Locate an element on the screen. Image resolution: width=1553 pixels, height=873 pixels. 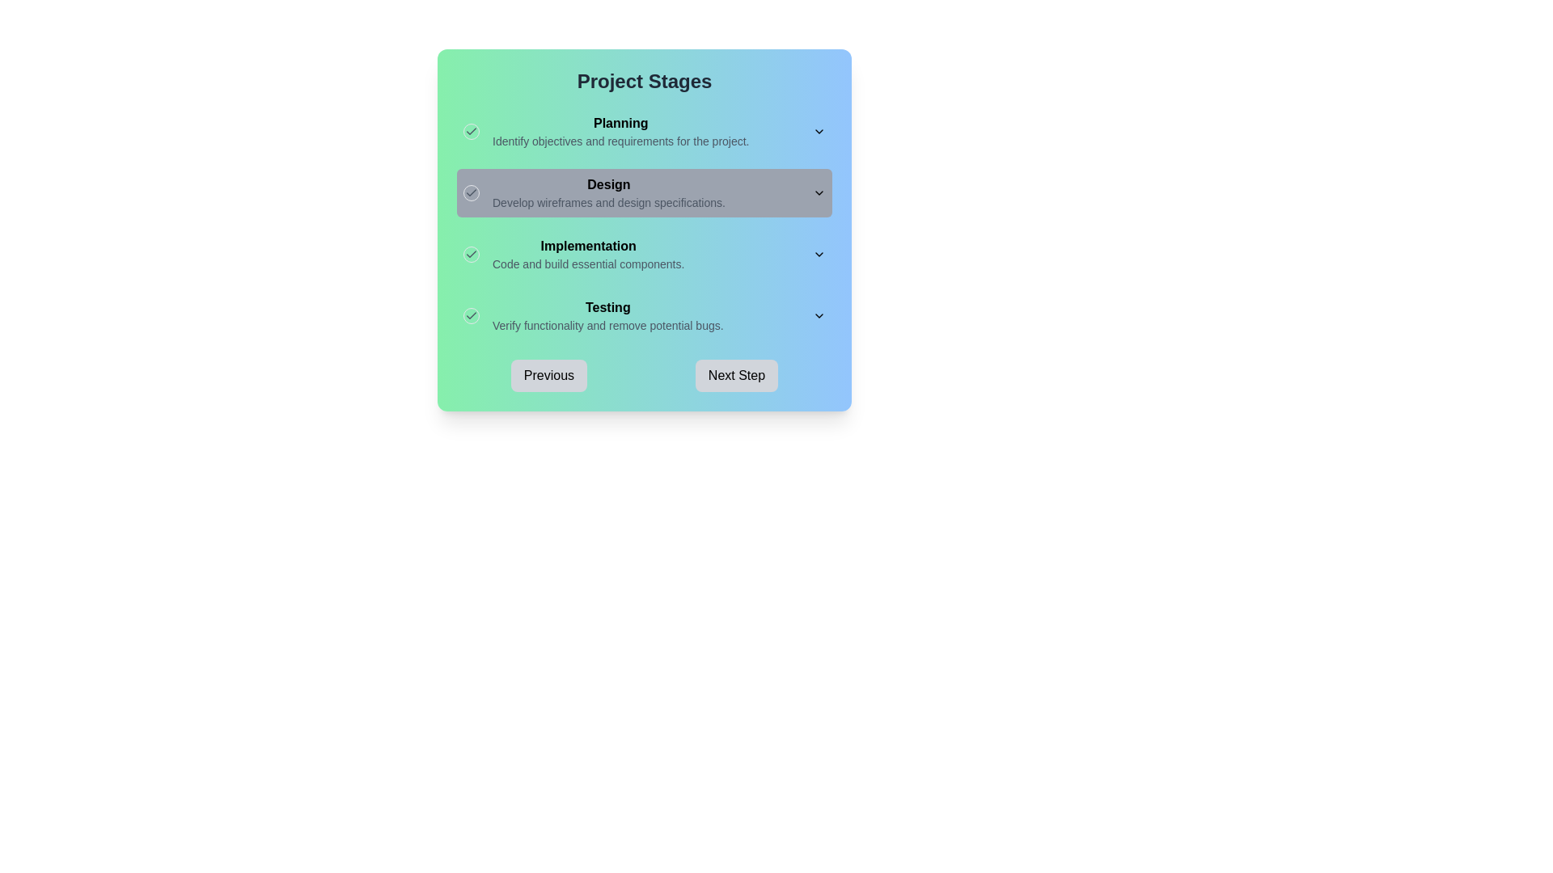
the tick mark icon within the SVG graphic that indicates completion for the 'Design' step is located at coordinates (470, 192).